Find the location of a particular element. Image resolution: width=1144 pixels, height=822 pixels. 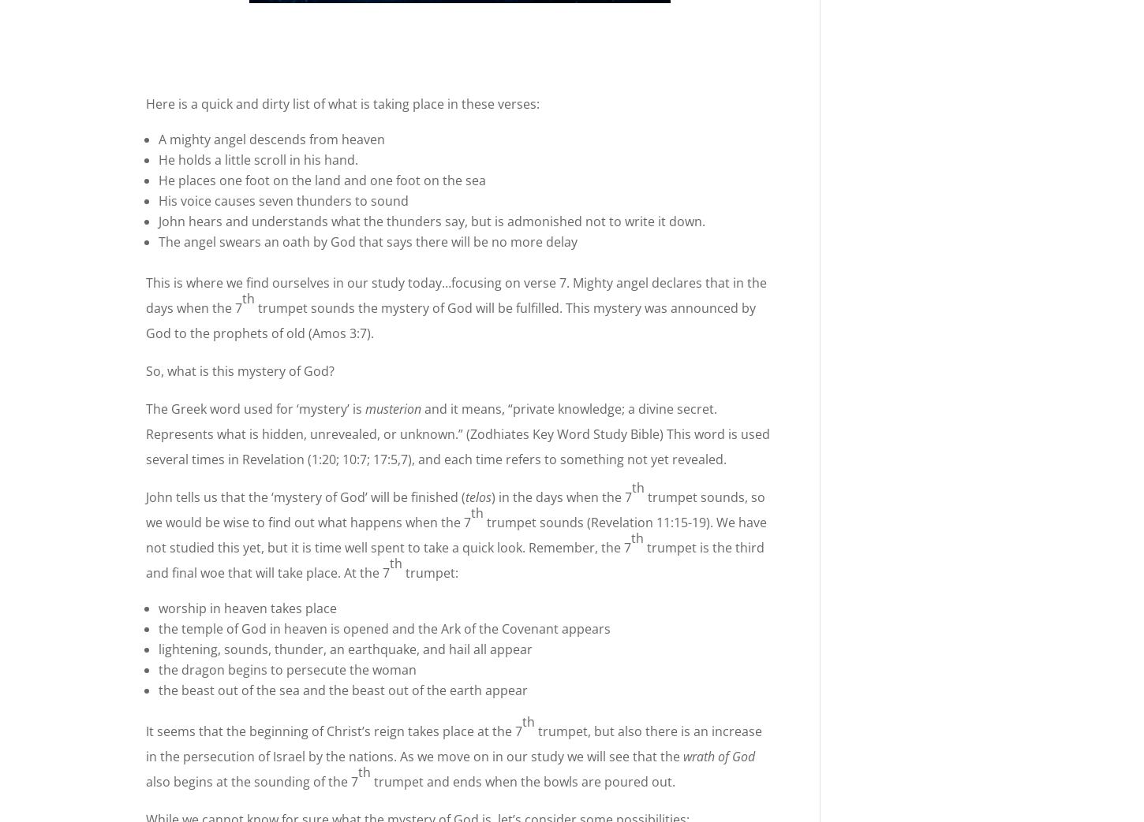

'trumpet is the third and final woe that will take place. At the 7' is located at coordinates (454, 560).